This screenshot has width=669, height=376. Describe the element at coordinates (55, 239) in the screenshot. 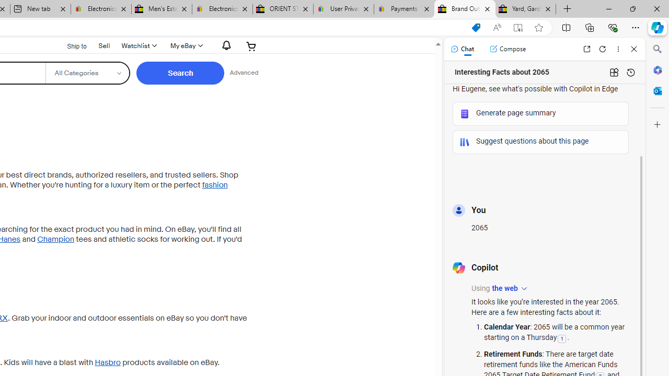

I see `'Champion'` at that location.